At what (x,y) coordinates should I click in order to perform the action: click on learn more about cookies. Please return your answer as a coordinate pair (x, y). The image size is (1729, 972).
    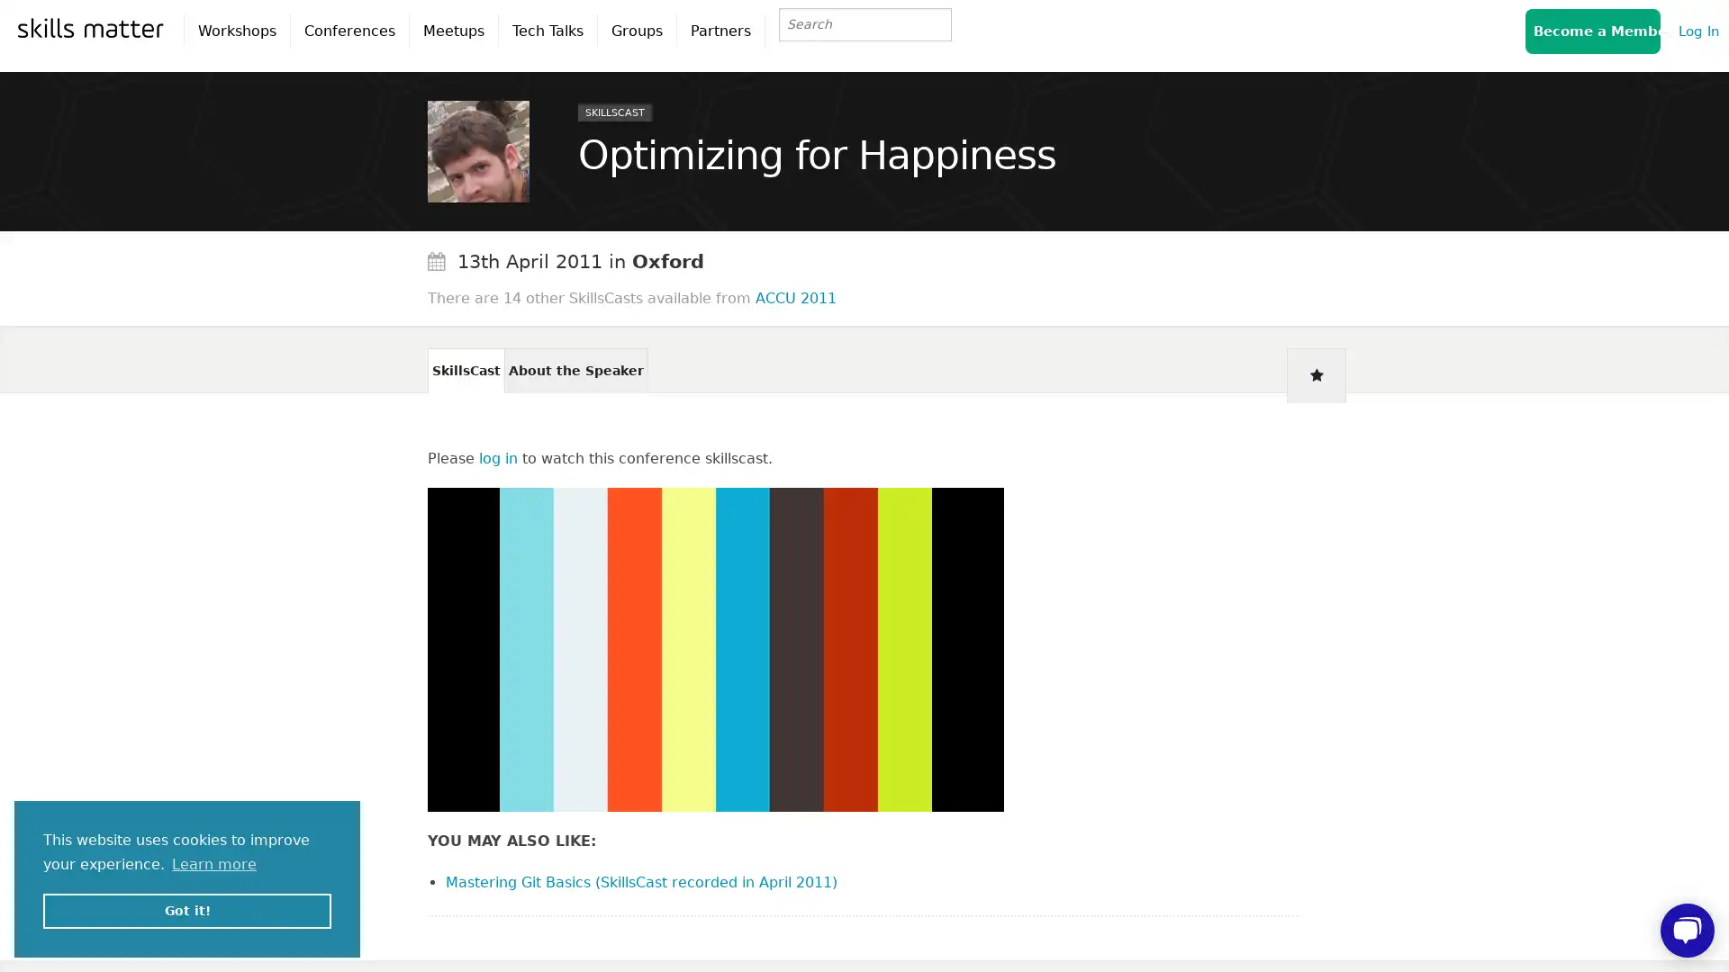
    Looking at the image, I should click on (214, 863).